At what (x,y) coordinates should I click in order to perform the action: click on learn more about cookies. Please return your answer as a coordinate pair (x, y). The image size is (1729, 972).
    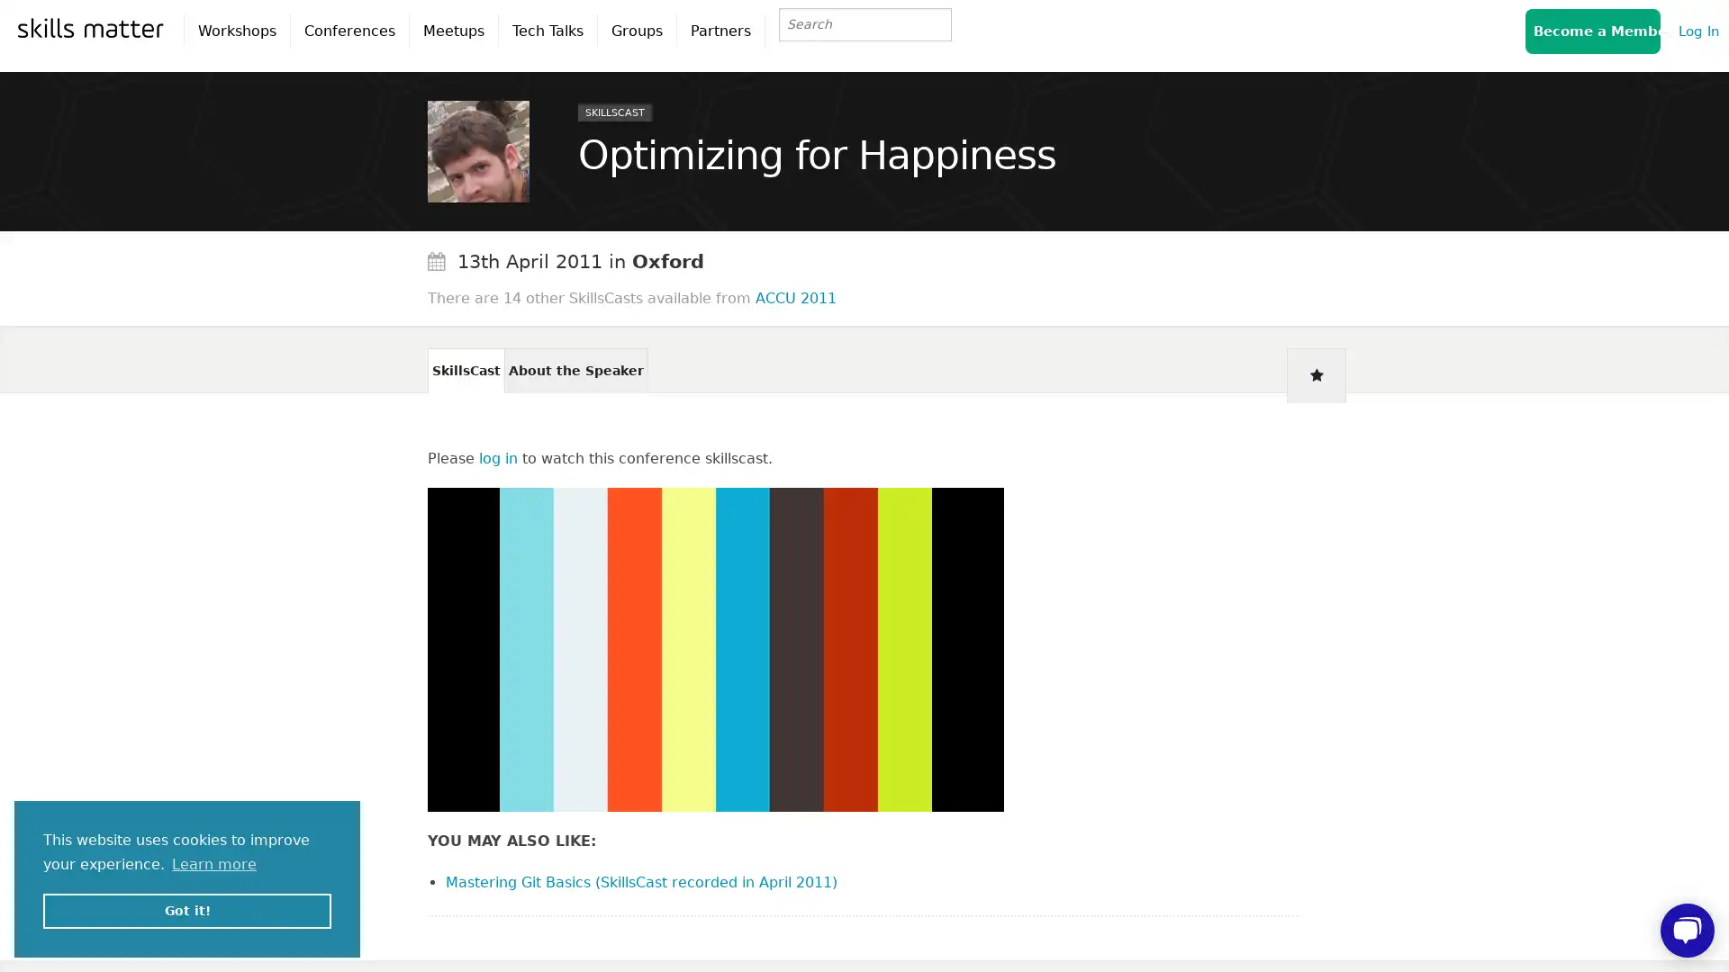
    Looking at the image, I should click on (214, 863).